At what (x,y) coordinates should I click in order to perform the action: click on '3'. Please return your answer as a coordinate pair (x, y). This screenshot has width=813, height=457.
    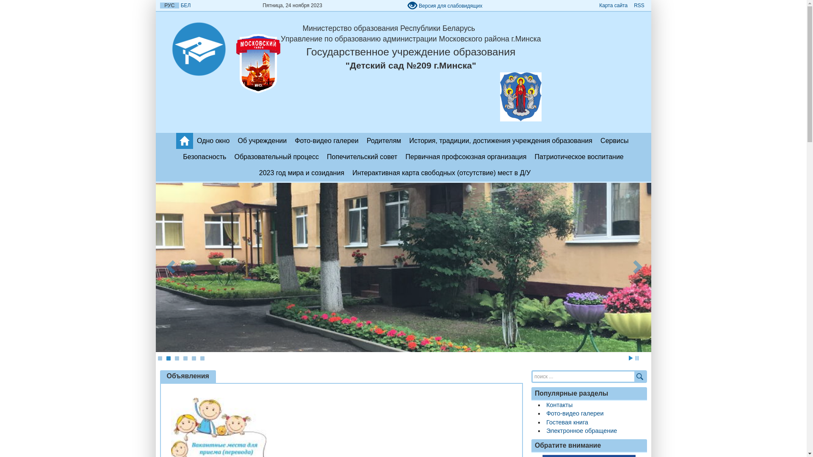
    Looking at the image, I should click on (176, 358).